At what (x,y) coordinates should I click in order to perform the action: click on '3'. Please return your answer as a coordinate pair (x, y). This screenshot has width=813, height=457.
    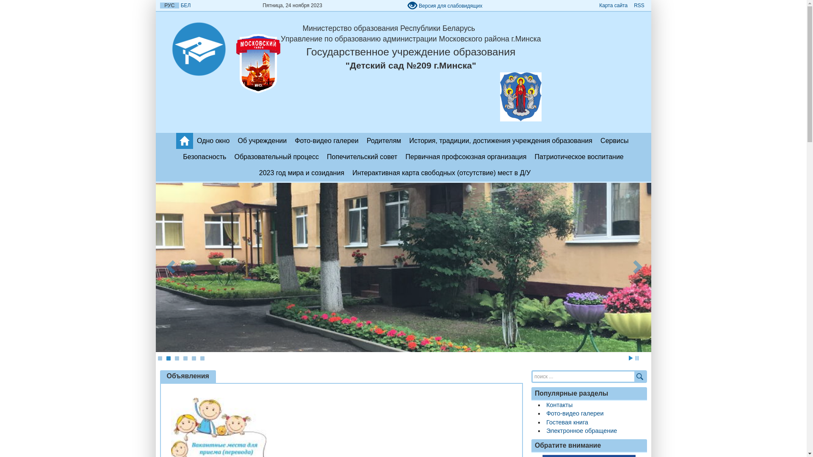
    Looking at the image, I should click on (176, 358).